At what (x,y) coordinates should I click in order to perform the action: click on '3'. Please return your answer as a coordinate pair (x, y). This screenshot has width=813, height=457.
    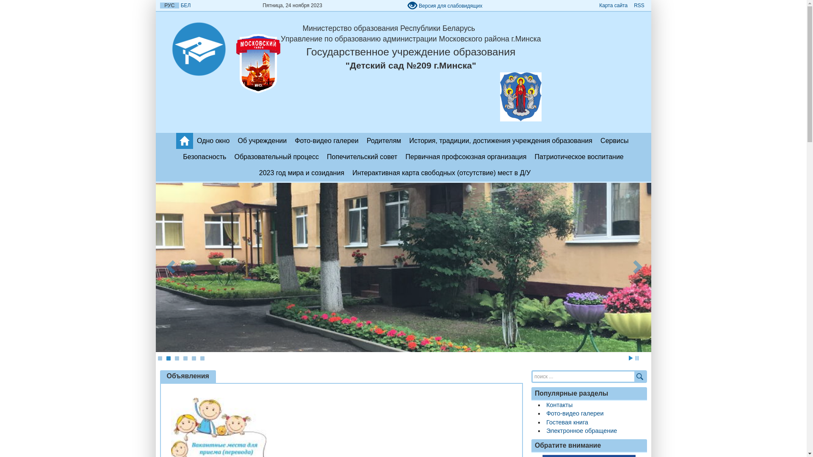
    Looking at the image, I should click on (176, 358).